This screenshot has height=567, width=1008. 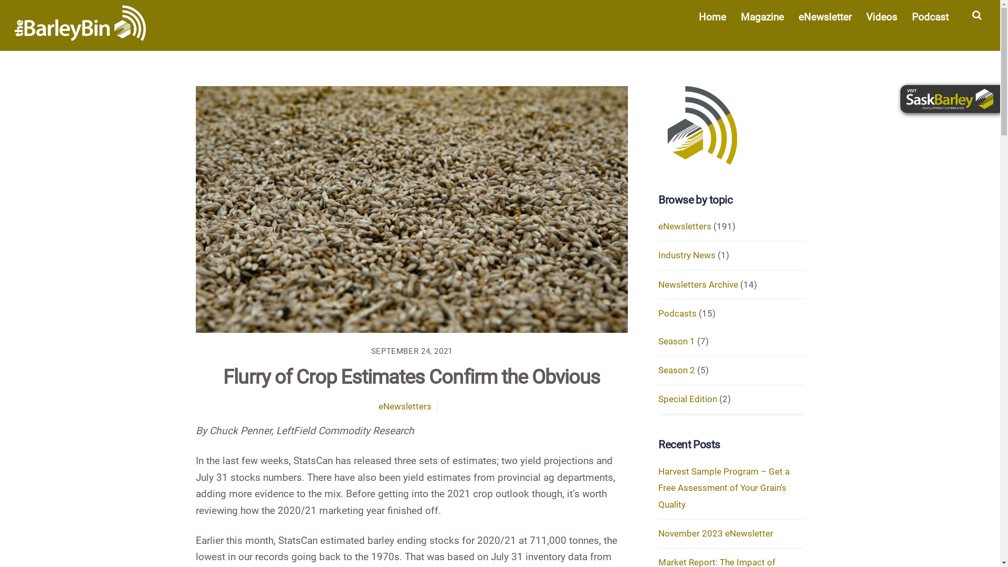 I want to click on 'Magazine', so click(x=762, y=17).